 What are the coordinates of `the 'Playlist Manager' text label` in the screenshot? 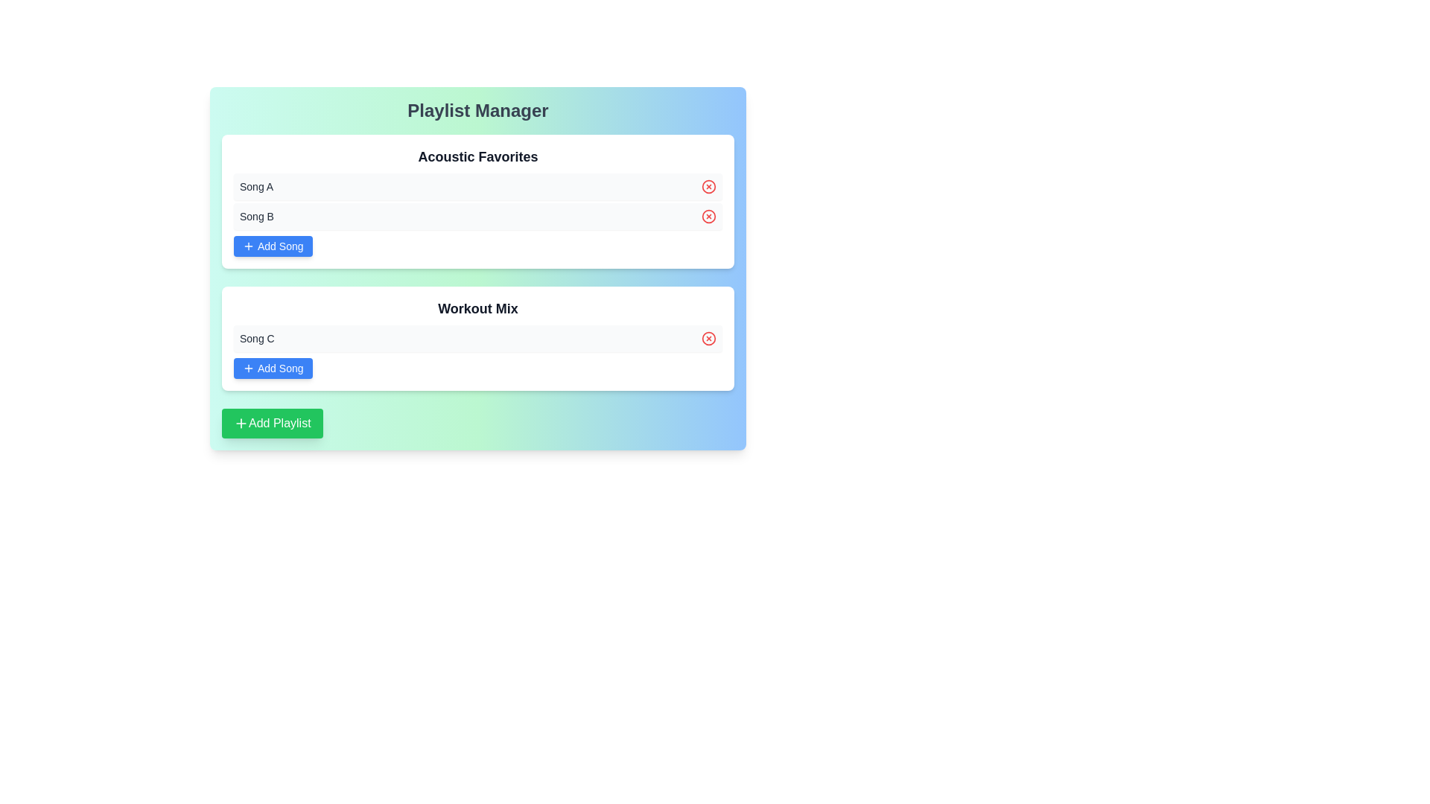 It's located at (478, 110).